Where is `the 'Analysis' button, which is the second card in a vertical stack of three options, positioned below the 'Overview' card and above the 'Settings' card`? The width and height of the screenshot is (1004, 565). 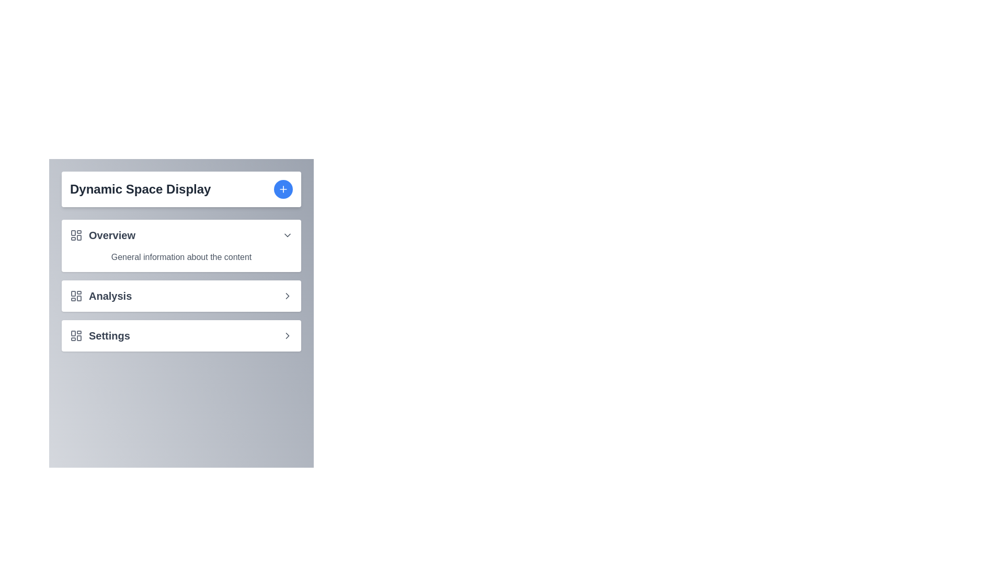
the 'Analysis' button, which is the second card in a vertical stack of three options, positioned below the 'Overview' card and above the 'Settings' card is located at coordinates (181, 296).